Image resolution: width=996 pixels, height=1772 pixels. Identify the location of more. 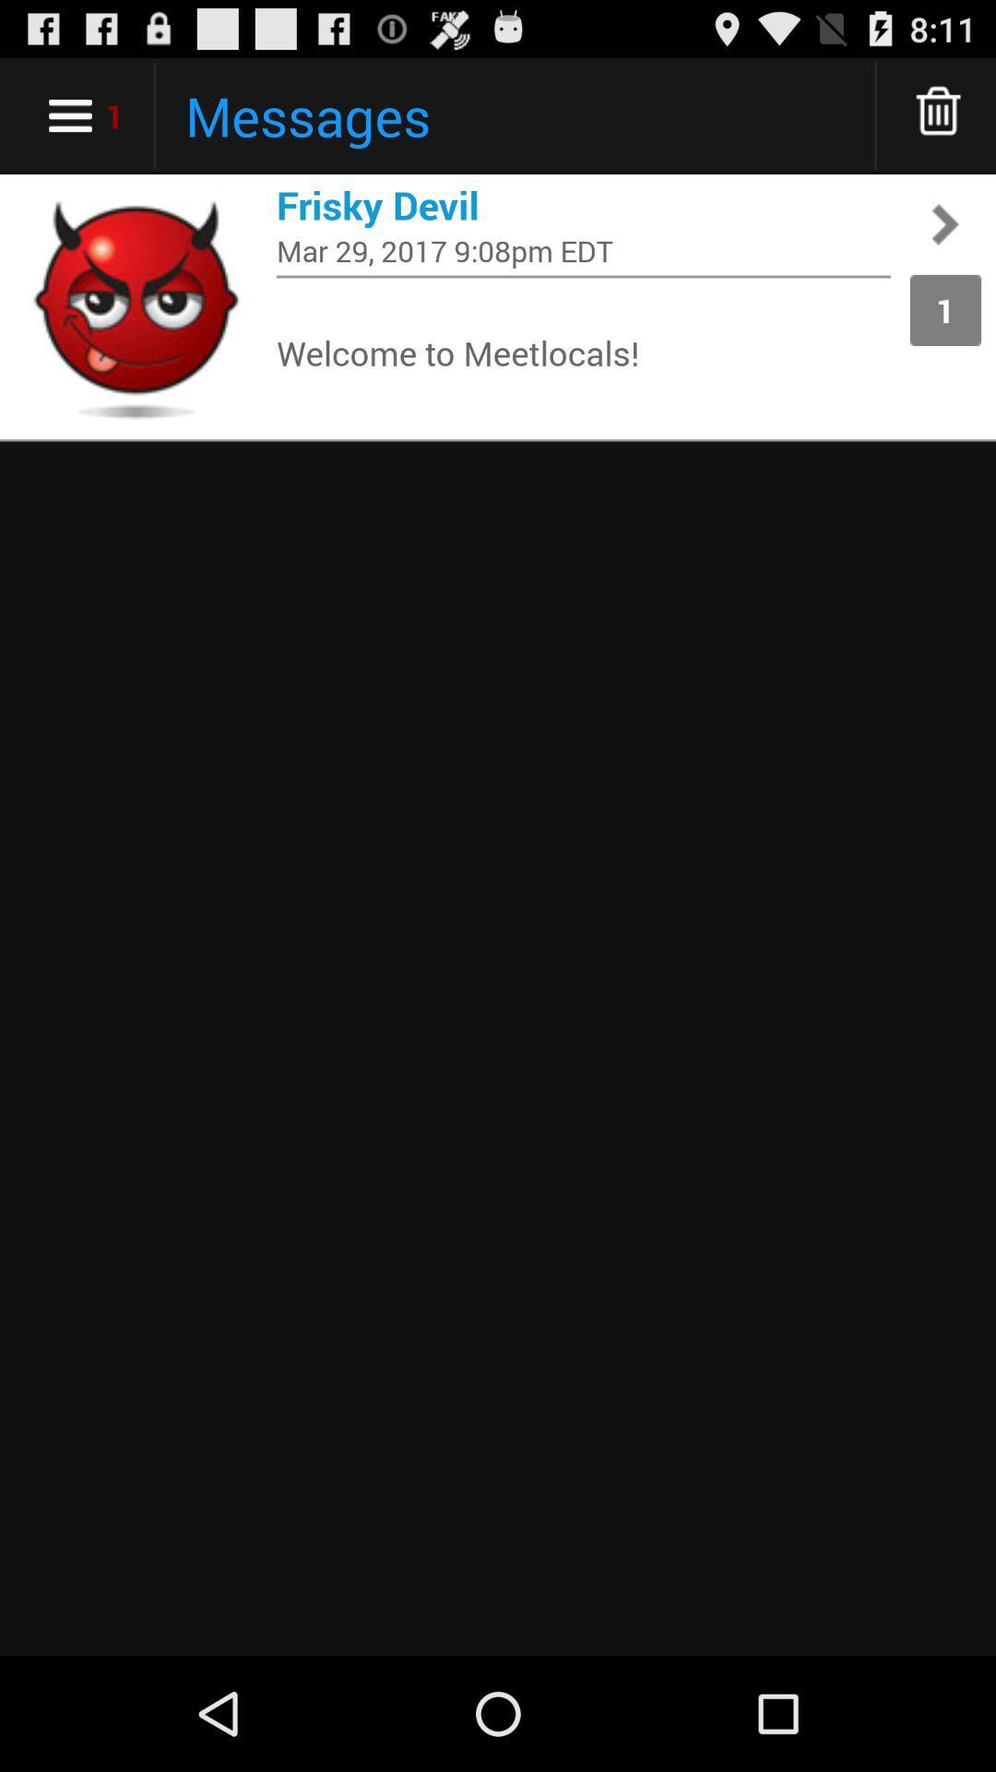
(939, 114).